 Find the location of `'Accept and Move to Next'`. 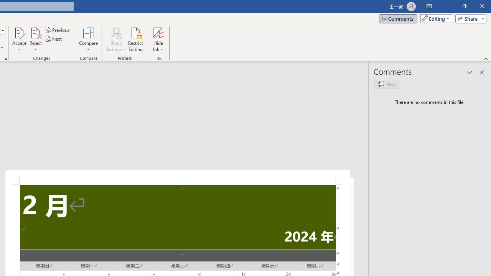

'Accept and Move to Next' is located at coordinates (19, 32).